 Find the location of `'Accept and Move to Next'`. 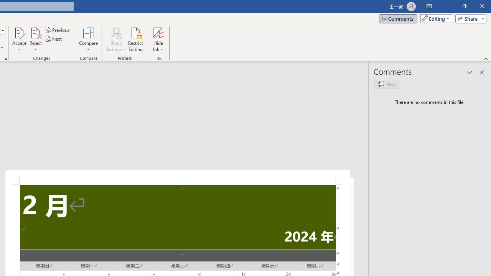

'Accept and Move to Next' is located at coordinates (19, 32).